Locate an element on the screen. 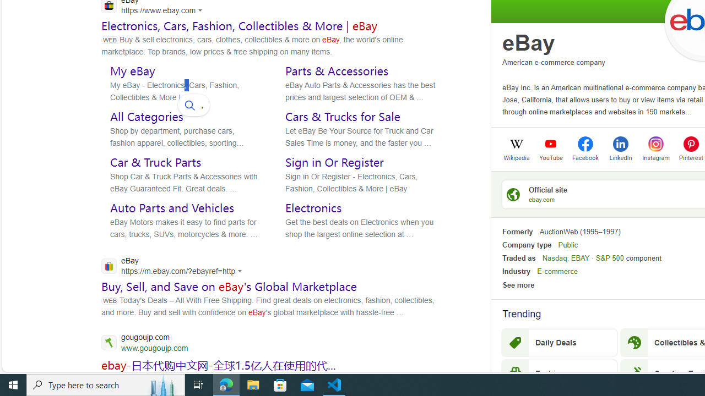 The height and width of the screenshot is (396, 705). 'Instagram' is located at coordinates (656, 157).